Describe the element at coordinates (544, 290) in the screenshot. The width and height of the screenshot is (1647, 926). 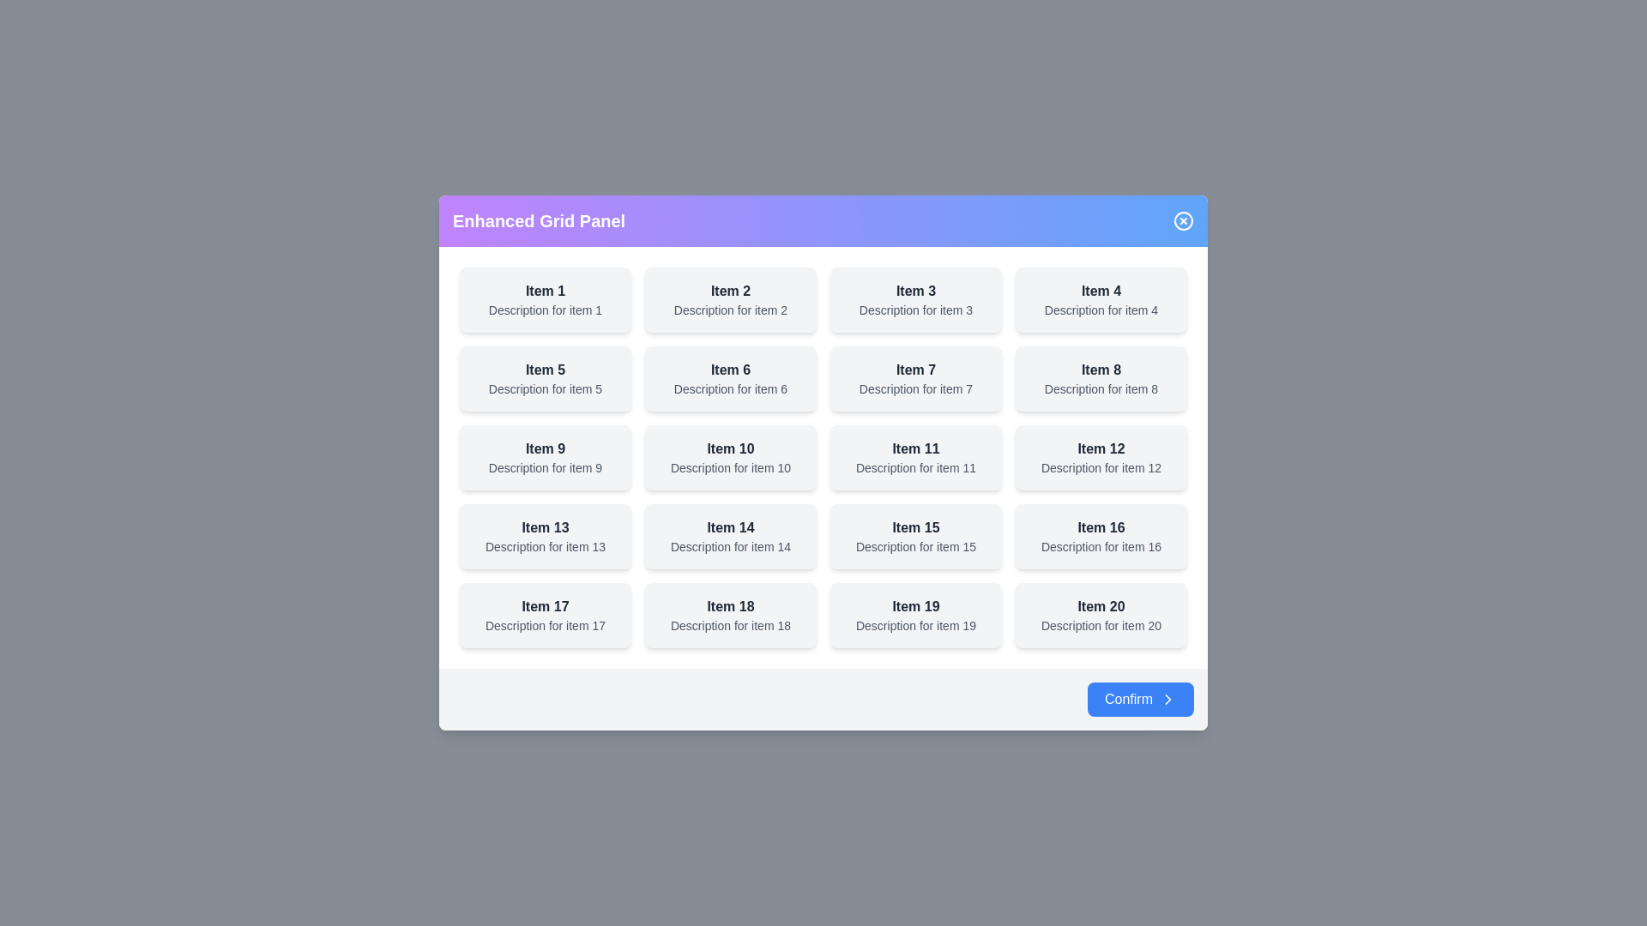
I see `the title or description of the grid item labeled 'Item 1'` at that location.